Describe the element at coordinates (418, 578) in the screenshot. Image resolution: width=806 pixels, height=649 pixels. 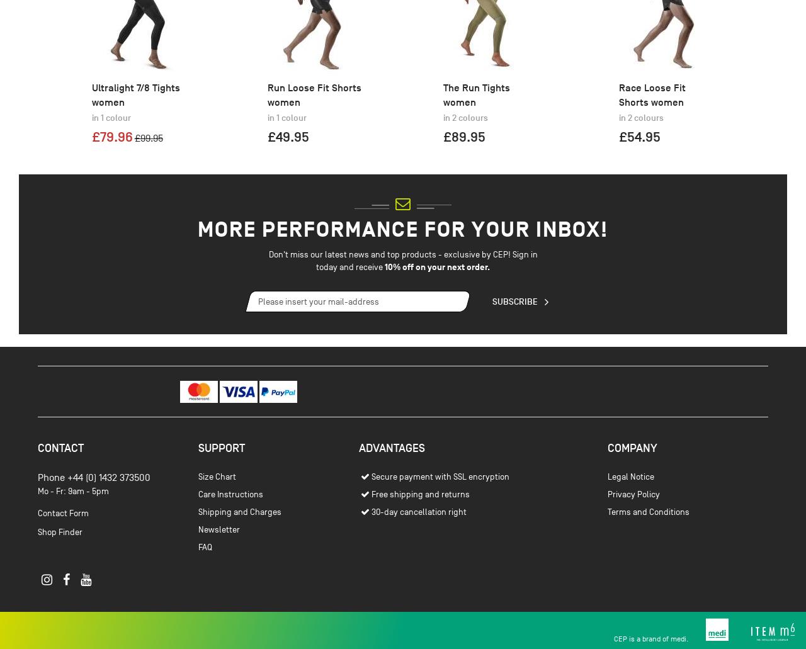
I see `'30-day cancellation right'` at that location.